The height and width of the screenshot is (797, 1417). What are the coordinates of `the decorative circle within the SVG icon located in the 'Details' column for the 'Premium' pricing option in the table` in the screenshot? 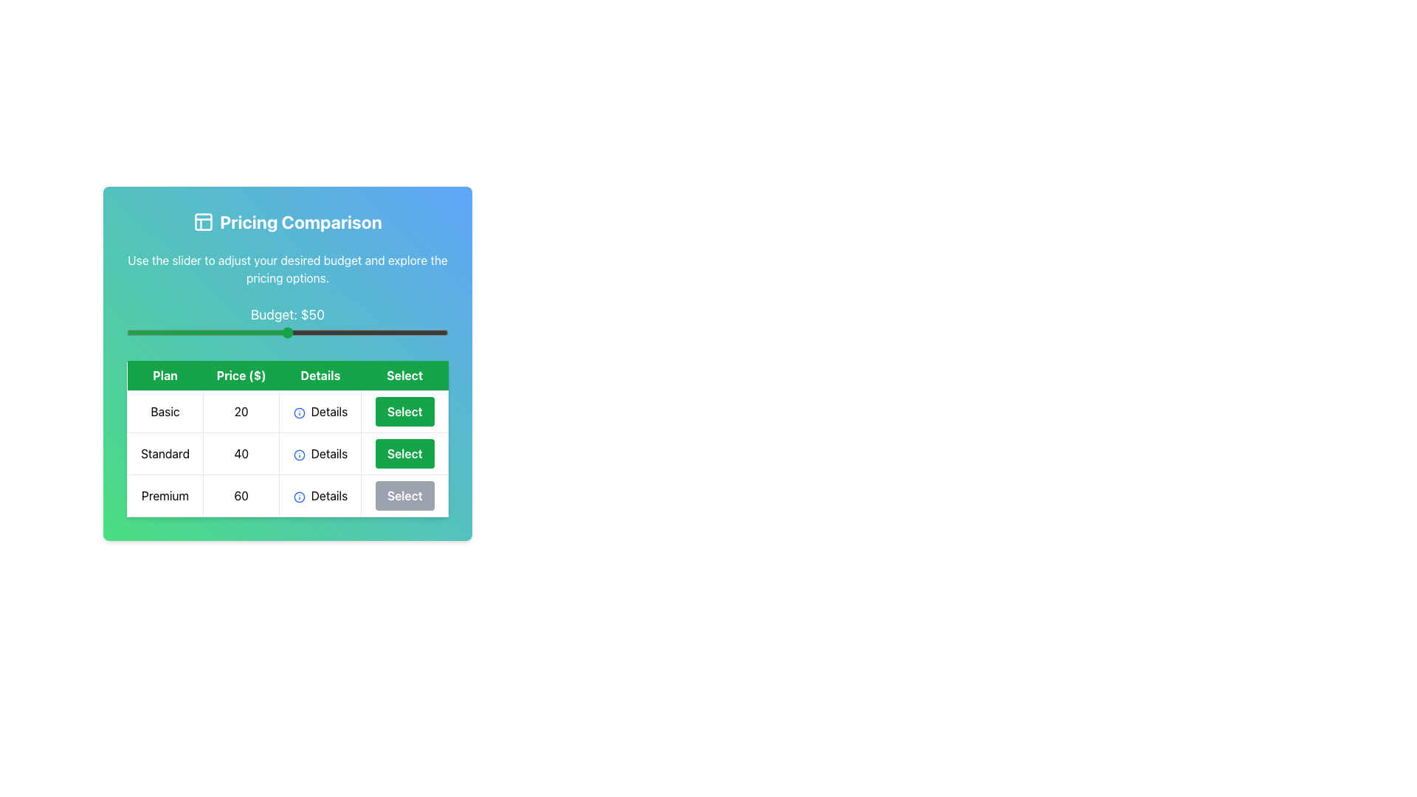 It's located at (298, 497).